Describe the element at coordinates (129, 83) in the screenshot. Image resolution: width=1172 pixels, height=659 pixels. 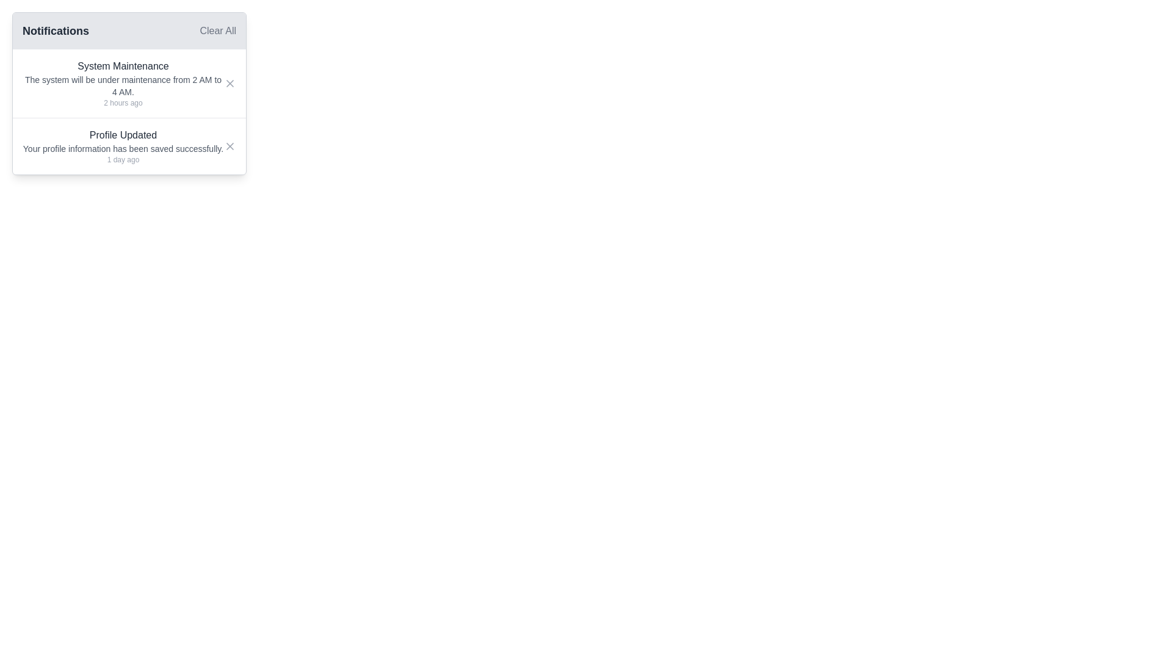
I see `the notification displayed in the Notification Block that informs about scheduled system maintenance` at that location.